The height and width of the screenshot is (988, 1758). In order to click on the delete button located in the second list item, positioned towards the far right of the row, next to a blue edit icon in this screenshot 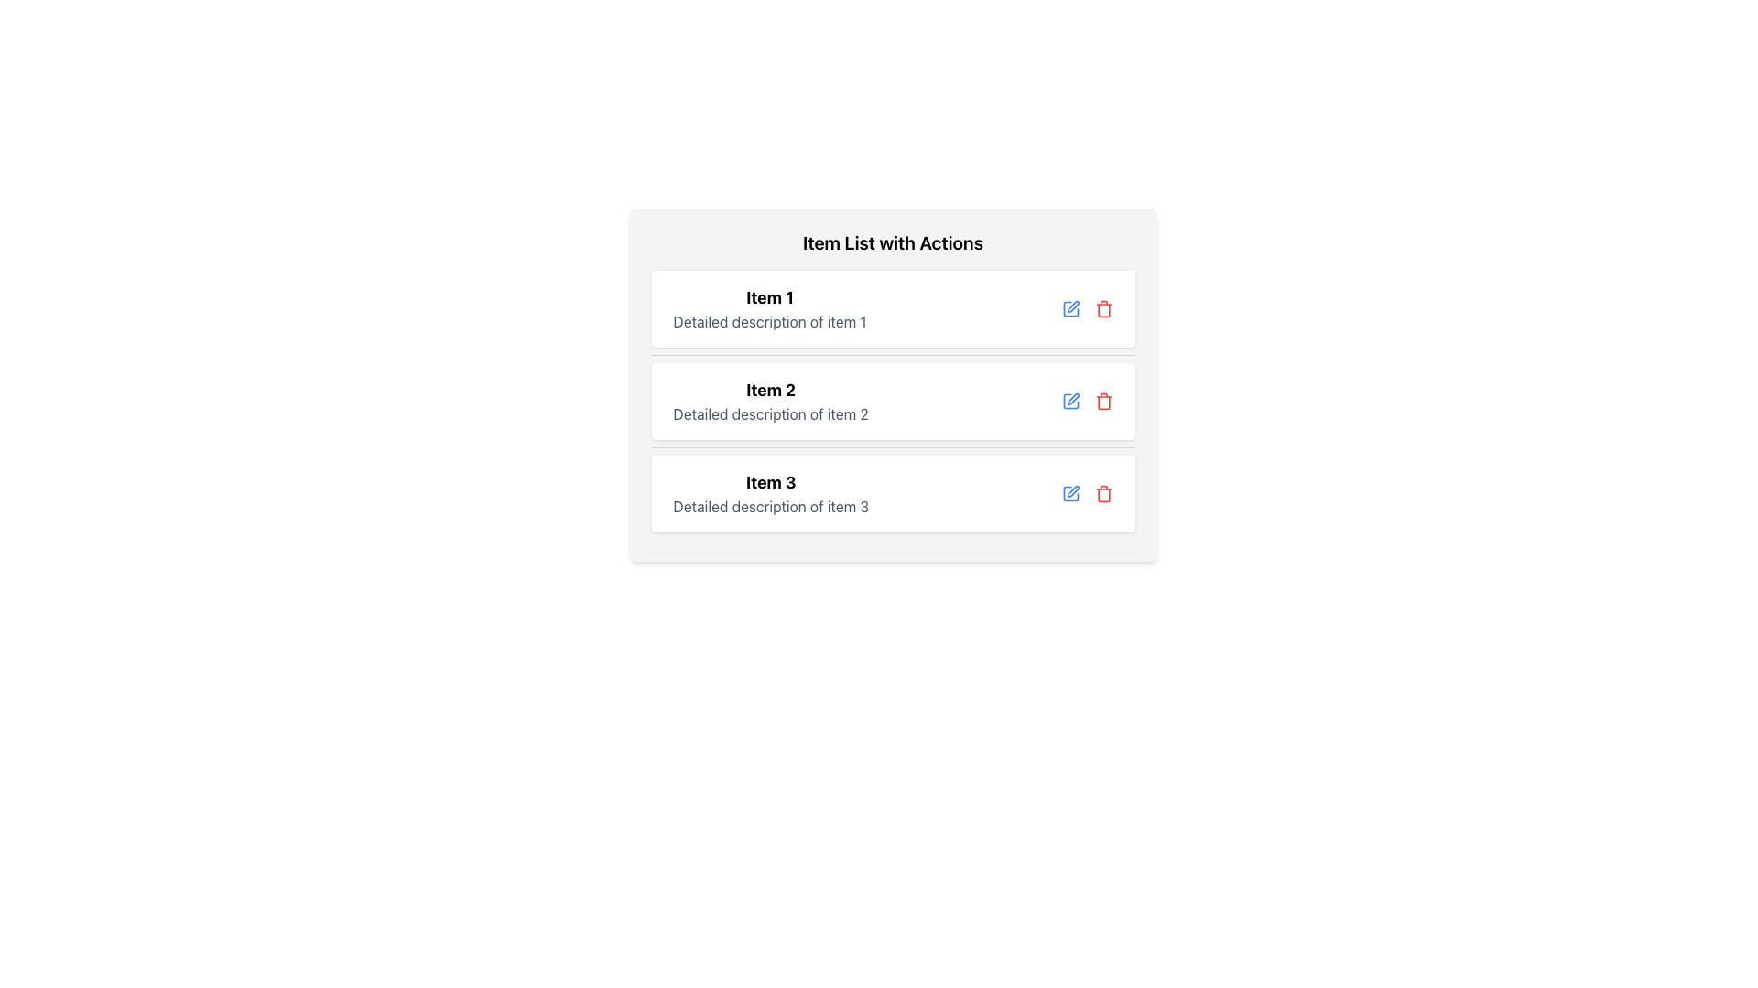, I will do `click(1102, 401)`.